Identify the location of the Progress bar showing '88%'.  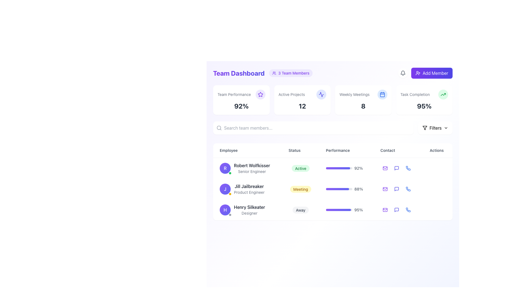
(346, 189).